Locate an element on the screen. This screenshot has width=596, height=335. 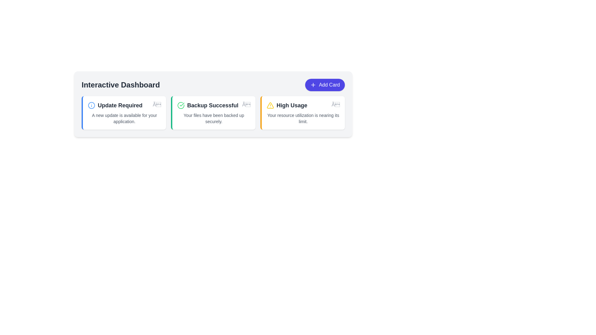
status text of the Static Text element located within the 'Backup Successful' card, which indicates the completion of the backup operation is located at coordinates (214, 118).